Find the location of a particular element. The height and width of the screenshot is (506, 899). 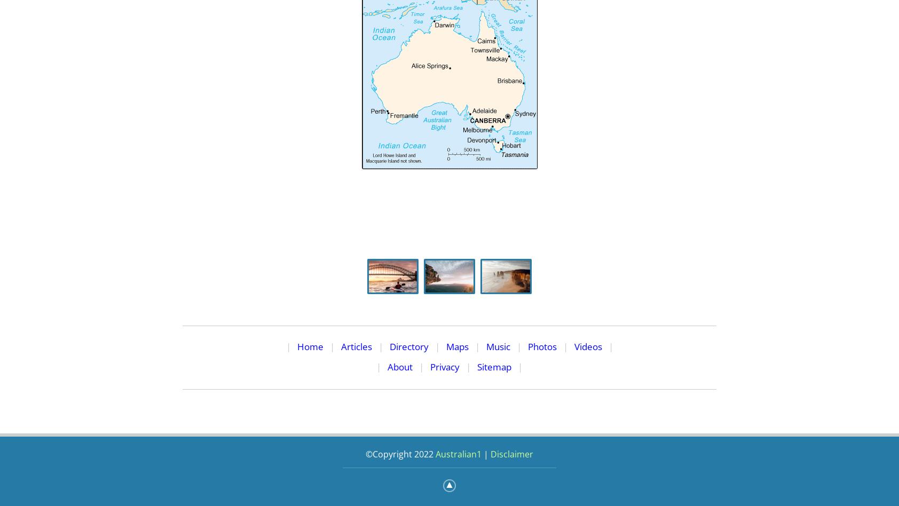

'Sitemap' is located at coordinates (494, 366).